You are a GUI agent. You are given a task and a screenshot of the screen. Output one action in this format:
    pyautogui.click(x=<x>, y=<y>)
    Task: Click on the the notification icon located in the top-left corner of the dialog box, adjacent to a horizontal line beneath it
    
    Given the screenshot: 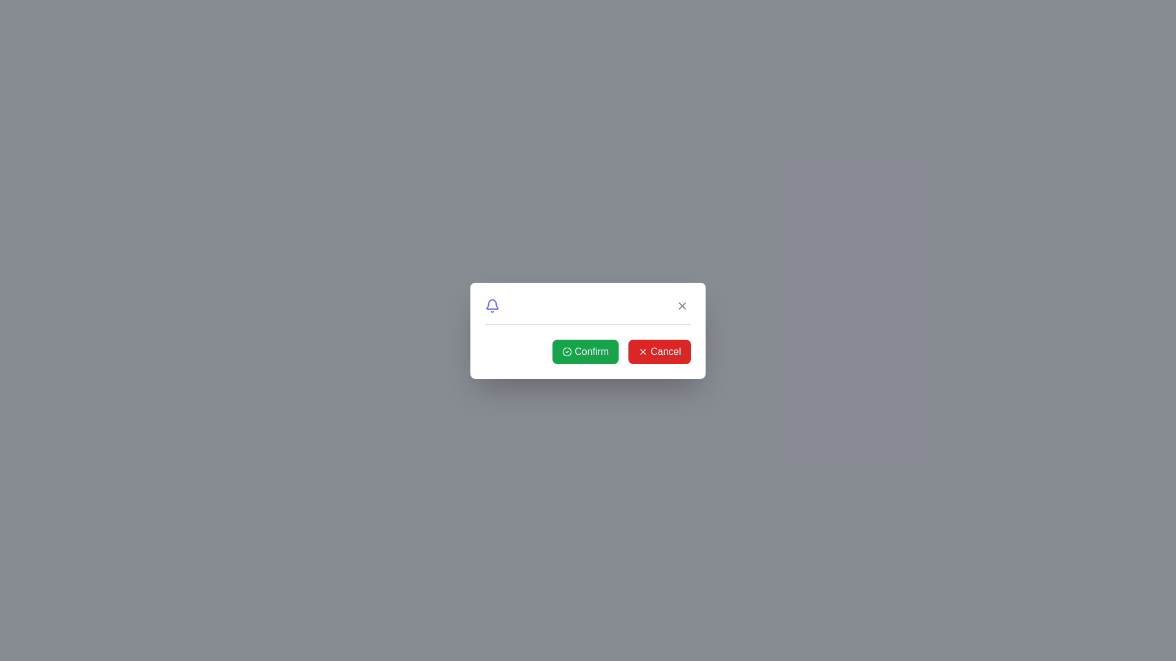 What is the action you would take?
    pyautogui.click(x=494, y=304)
    